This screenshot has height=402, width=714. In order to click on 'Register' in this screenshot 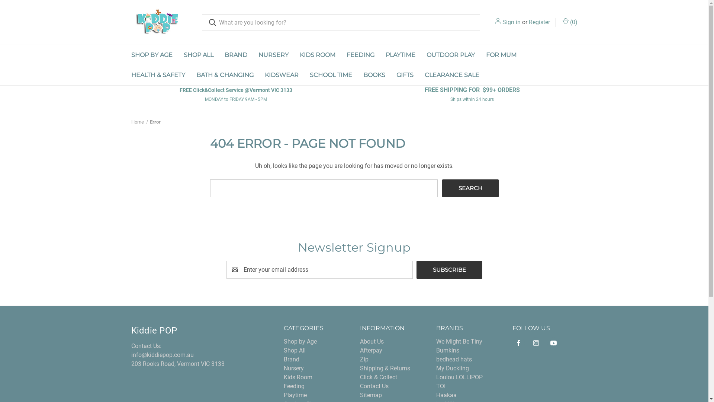, I will do `click(528, 22)`.